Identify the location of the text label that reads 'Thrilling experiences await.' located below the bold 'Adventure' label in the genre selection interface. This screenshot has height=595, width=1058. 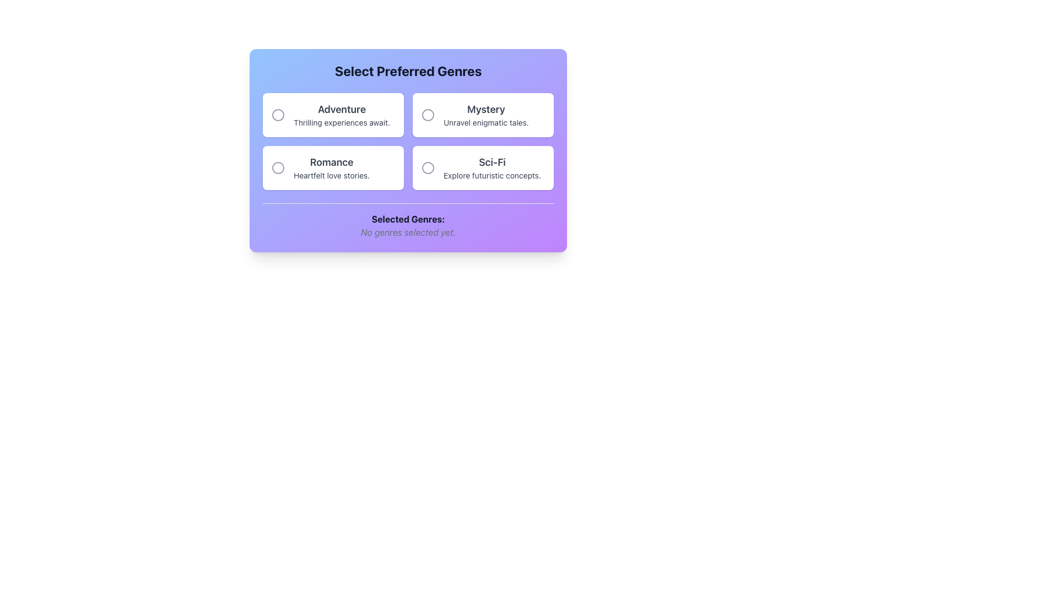
(341, 123).